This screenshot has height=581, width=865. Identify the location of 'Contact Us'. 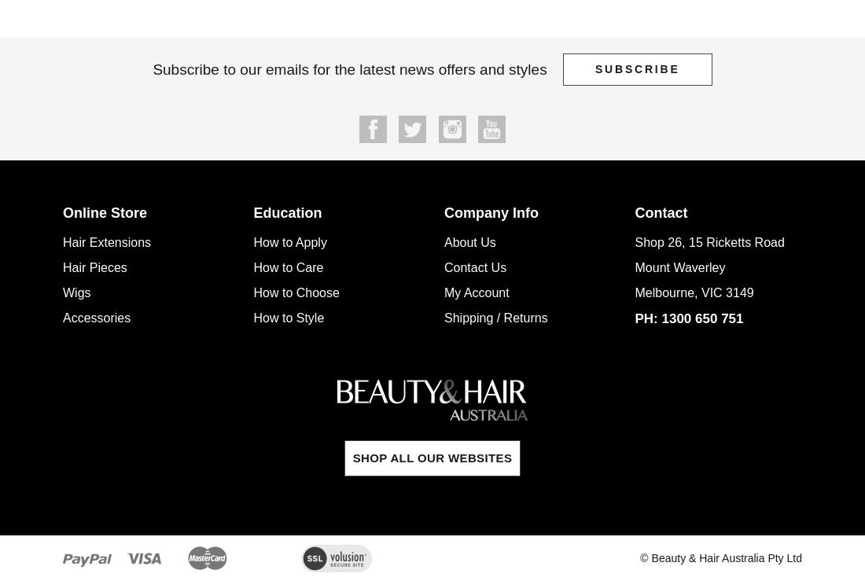
(443, 266).